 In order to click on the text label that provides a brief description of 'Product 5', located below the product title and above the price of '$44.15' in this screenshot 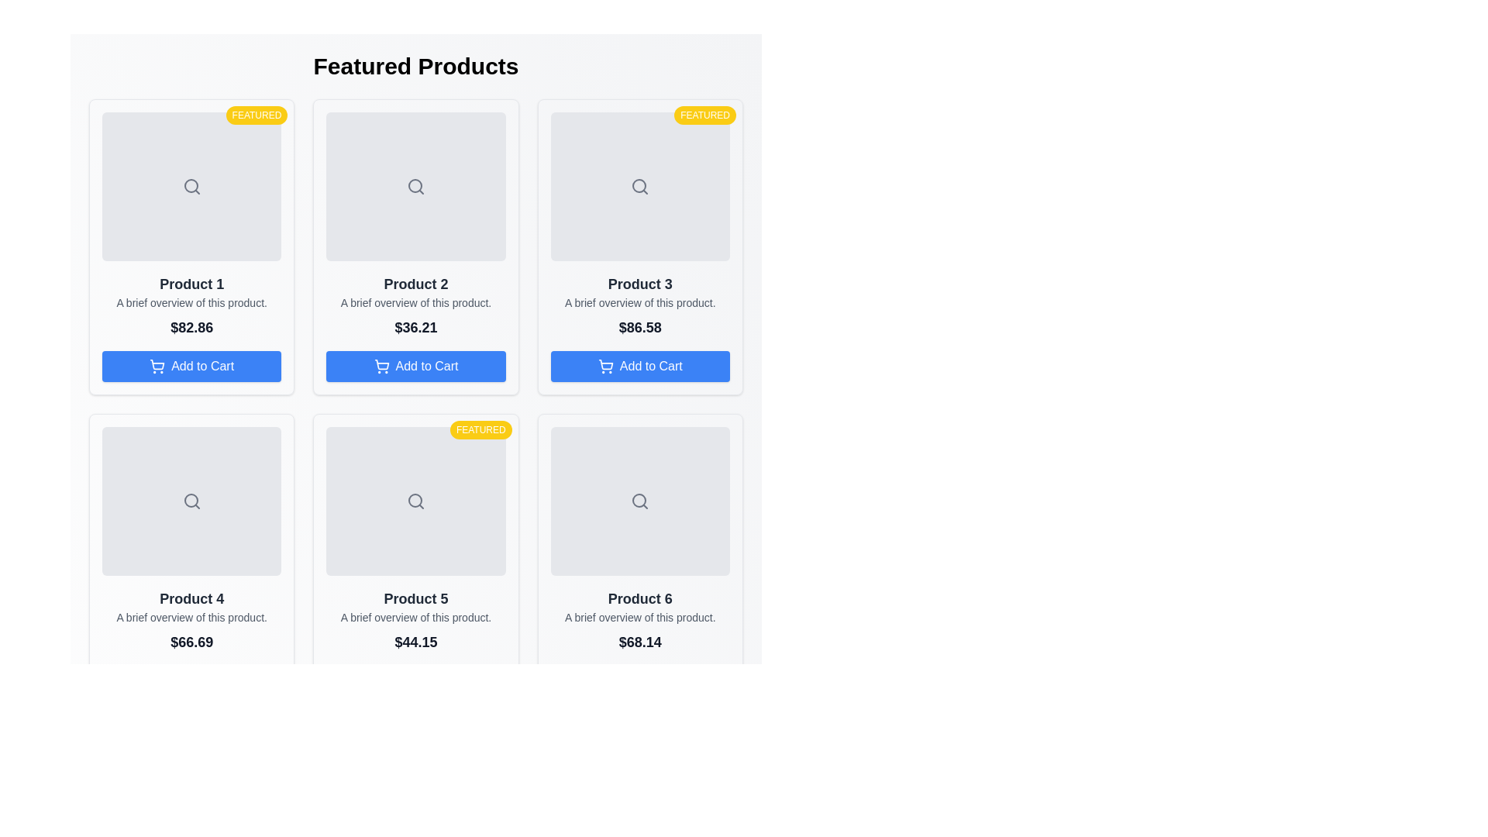, I will do `click(416, 617)`.